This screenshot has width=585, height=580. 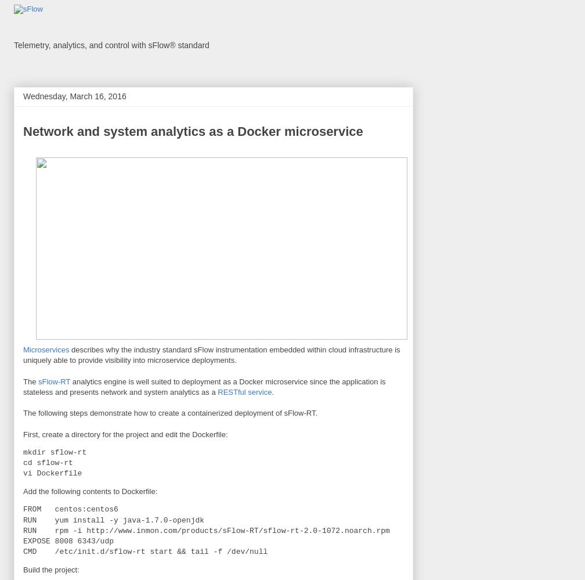 What do you see at coordinates (211, 354) in the screenshot?
I see `'describes why the industry standard sFlow instrumentation embedded within cloud infrastructure is uniquely able to provide visibility into microservice deployments.'` at bounding box center [211, 354].